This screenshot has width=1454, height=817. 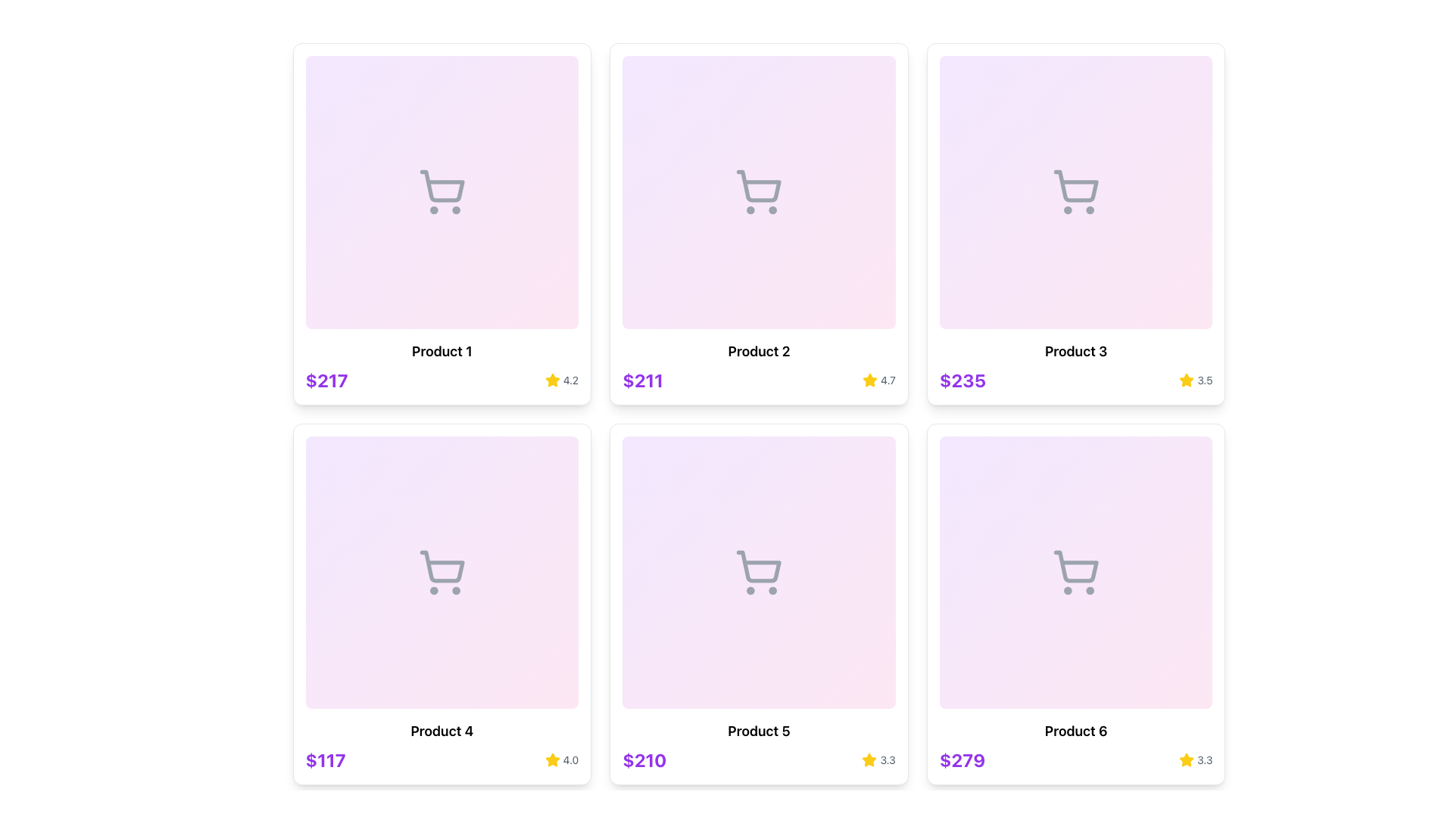 I want to click on the price text element located in the bottom-left section of the card titled 'Product 1', so click(x=326, y=379).